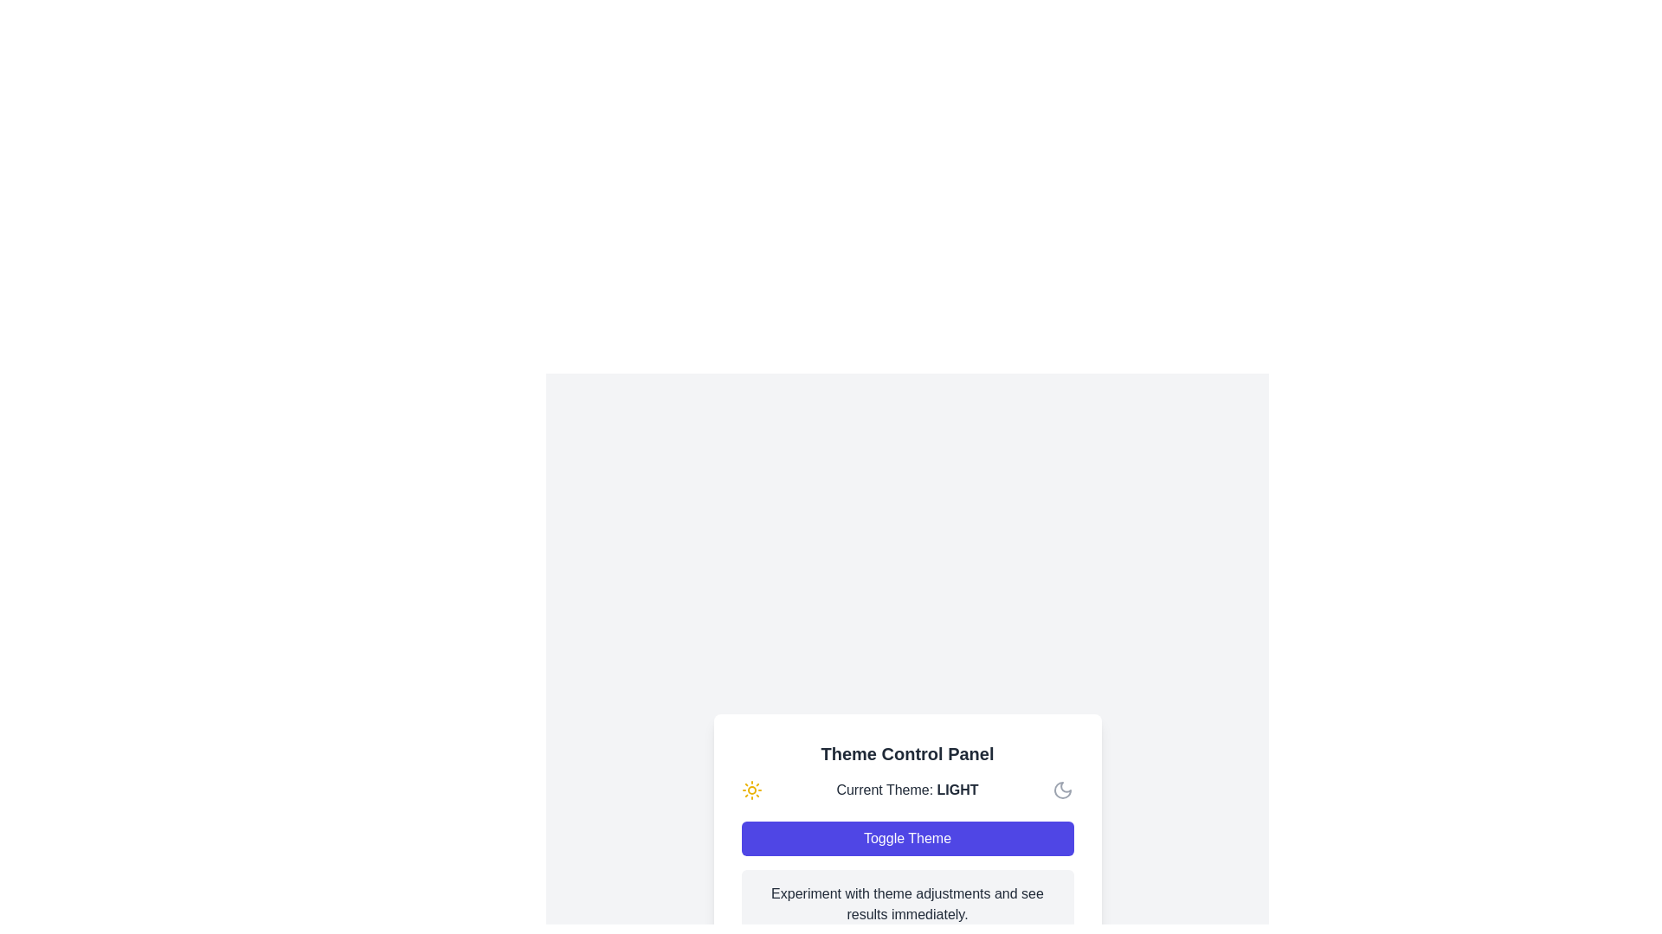  What do you see at coordinates (1062, 790) in the screenshot?
I see `the moon icon representing the dark theme toggle, located to the right of the 'Current Theme: LIGHT' text and the sun icon` at bounding box center [1062, 790].